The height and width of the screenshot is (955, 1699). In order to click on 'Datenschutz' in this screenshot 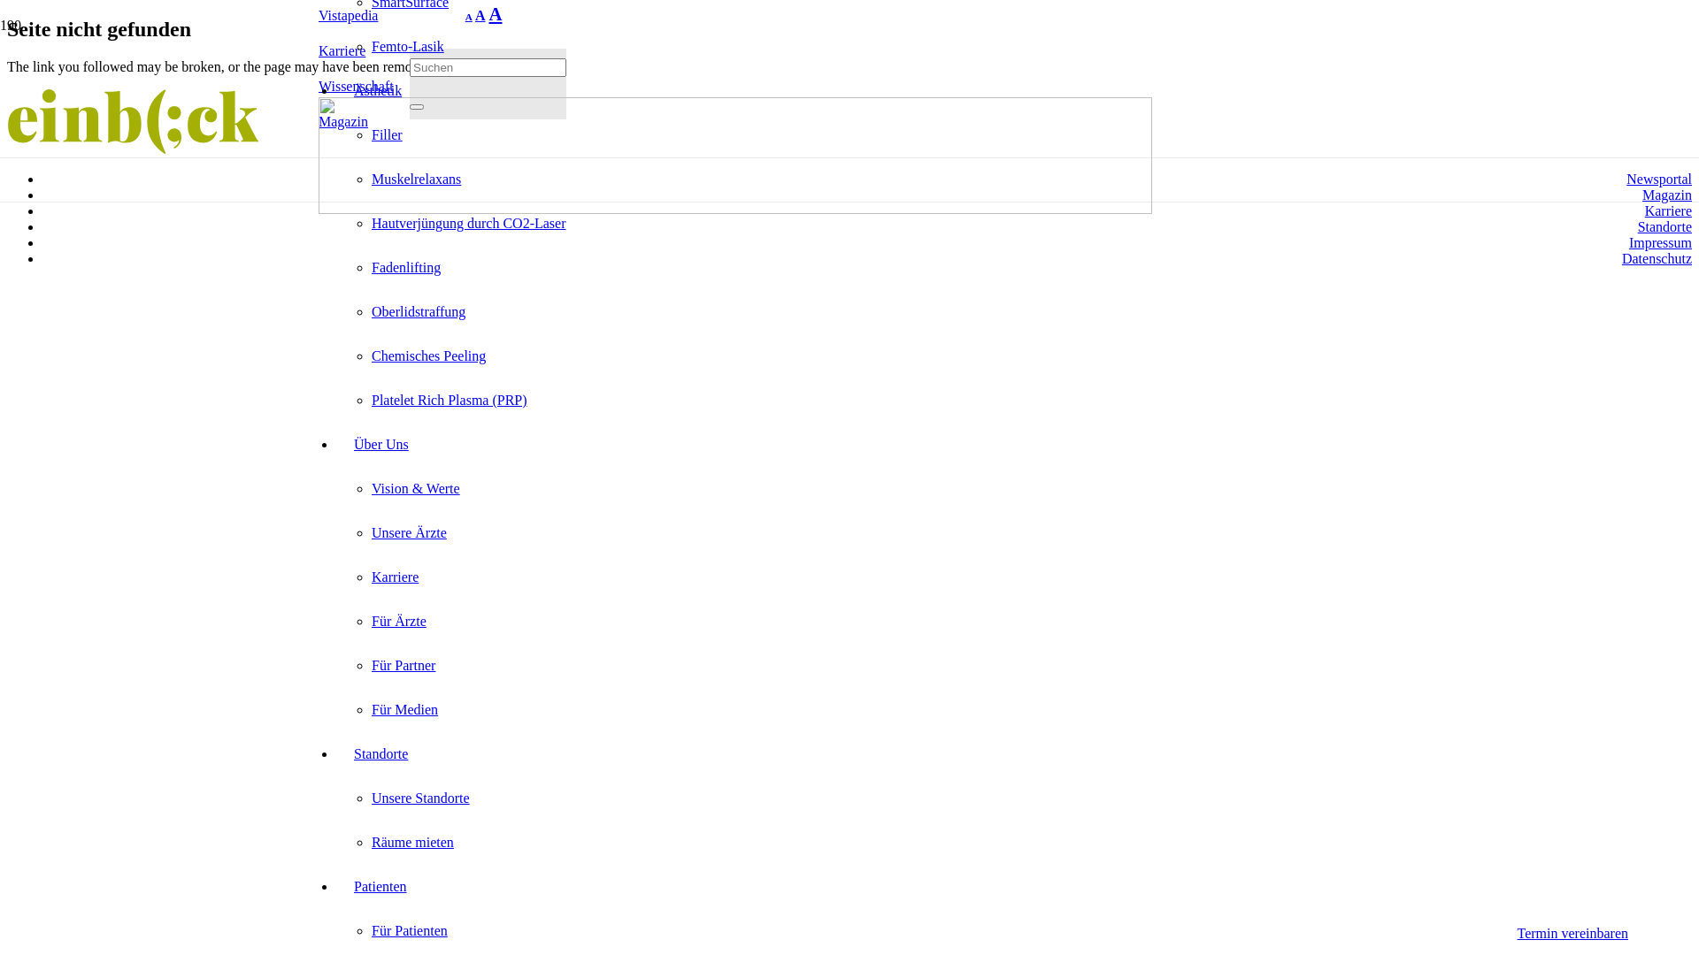, I will do `click(1656, 258)`.